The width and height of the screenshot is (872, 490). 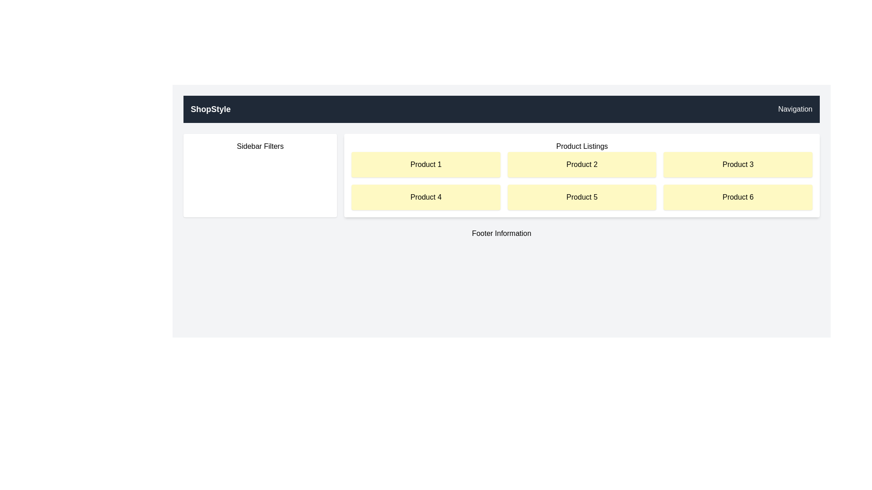 I want to click on the static display box representing the fifth product entry in the grid layout, positioned in the second row and second column, so click(x=582, y=197).